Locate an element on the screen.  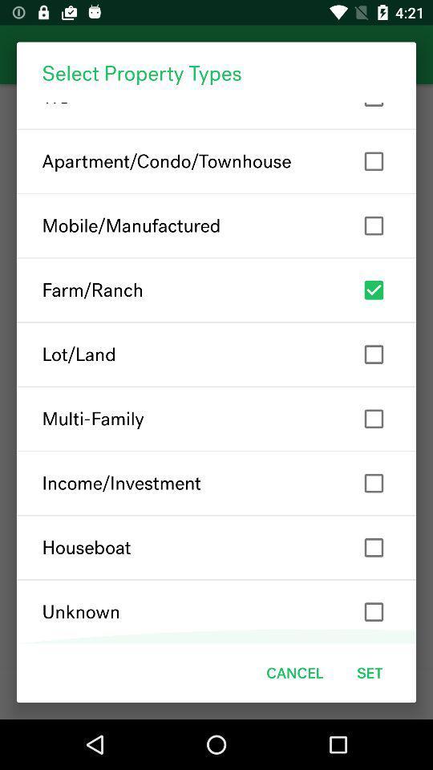
icon next to set item is located at coordinates (293, 673).